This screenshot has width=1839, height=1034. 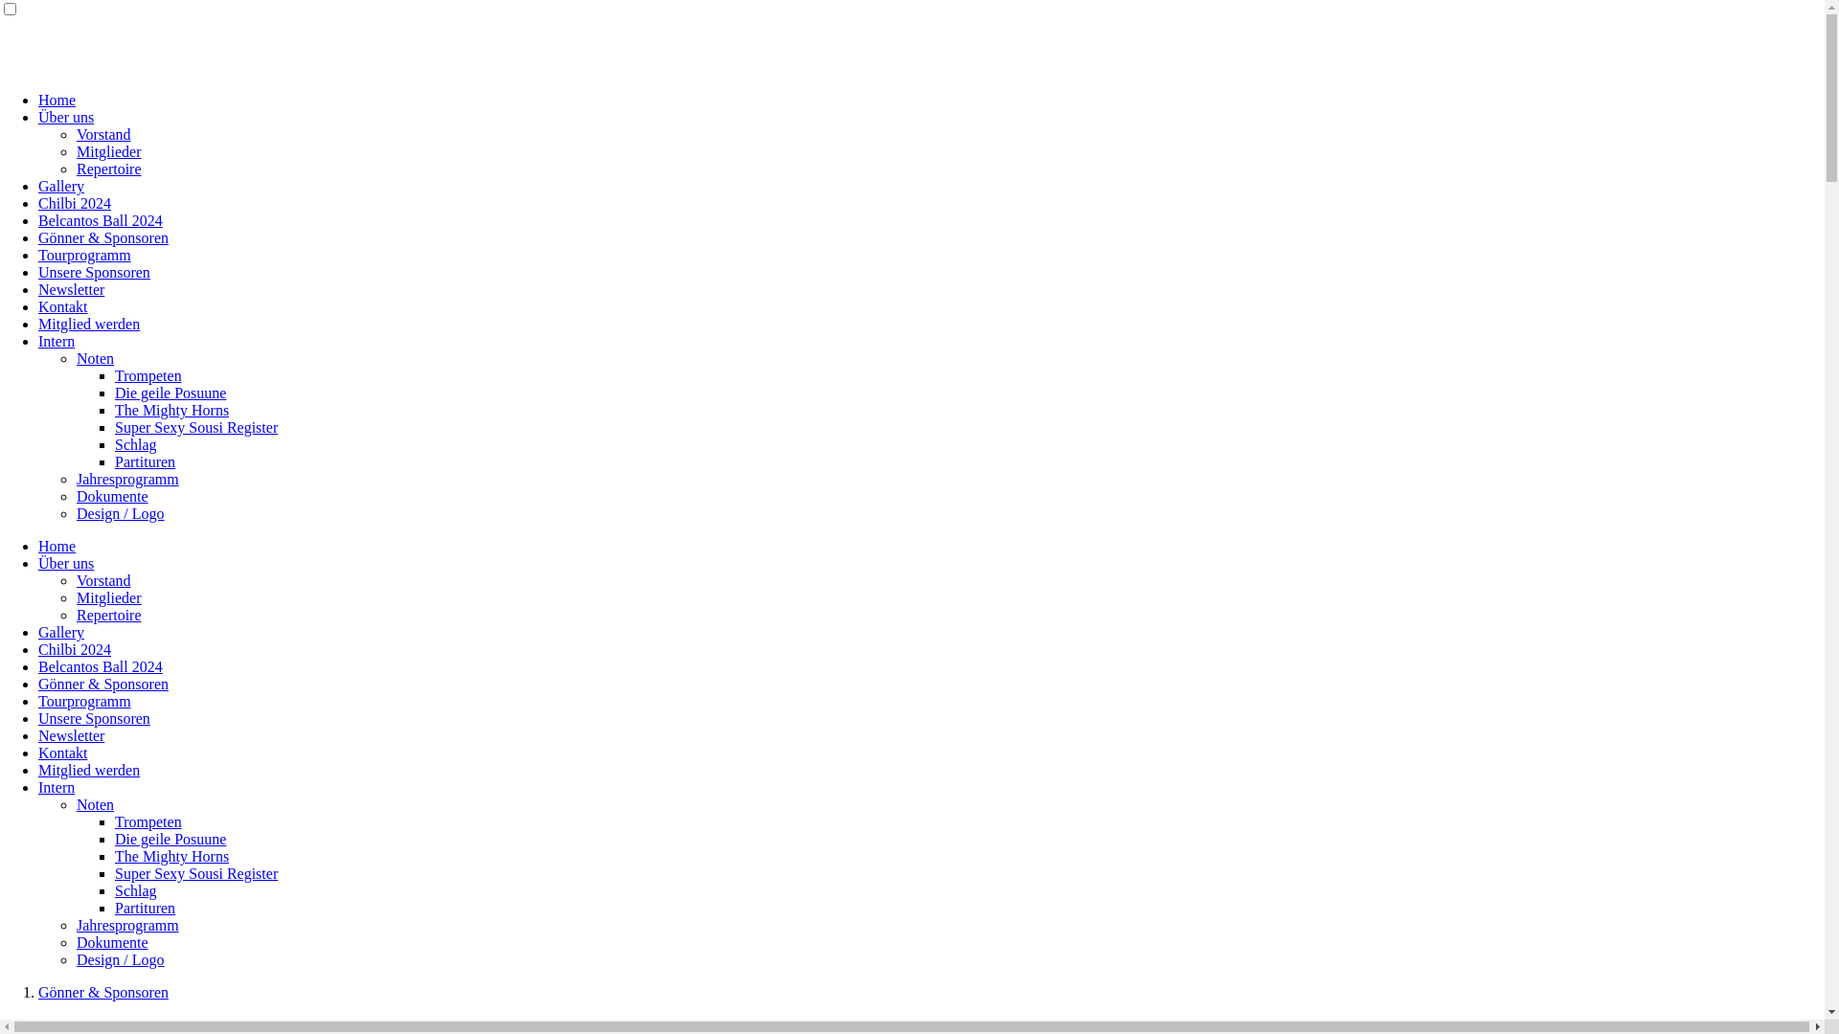 I want to click on 'Jahresprogramm', so click(x=126, y=478).